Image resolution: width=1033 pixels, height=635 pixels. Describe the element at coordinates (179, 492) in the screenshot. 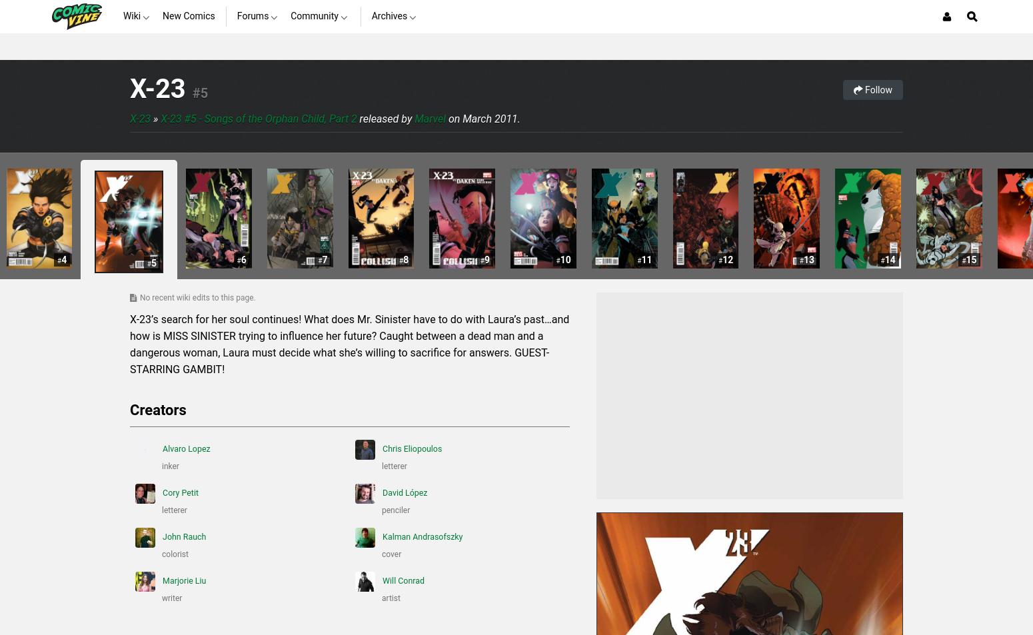

I see `'Cory Petit'` at that location.